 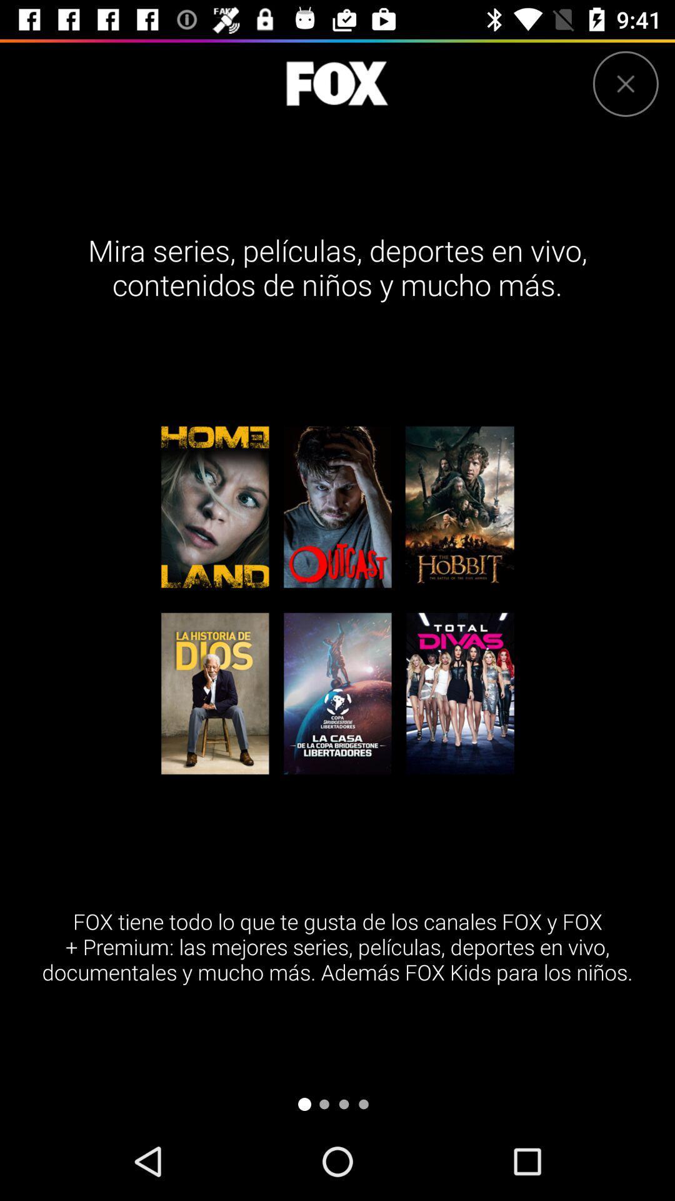 What do you see at coordinates (626, 83) in the screenshot?
I see `the close icon` at bounding box center [626, 83].